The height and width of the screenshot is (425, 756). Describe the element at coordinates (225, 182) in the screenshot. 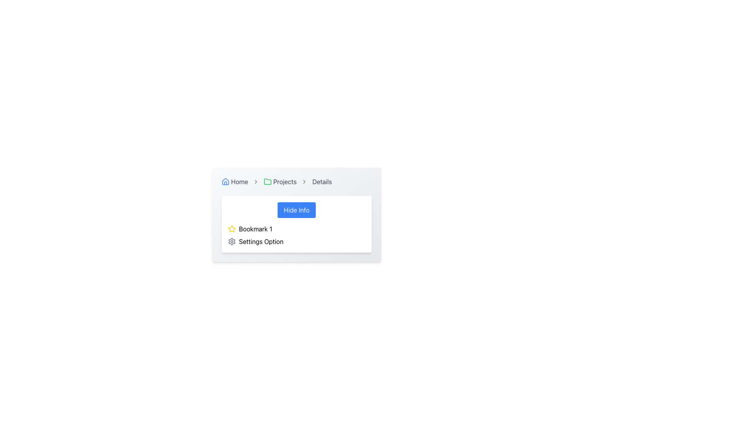

I see `the house icon, which is styled with a minimalistic design and blue color, located to the left of the 'Home' text label` at that location.